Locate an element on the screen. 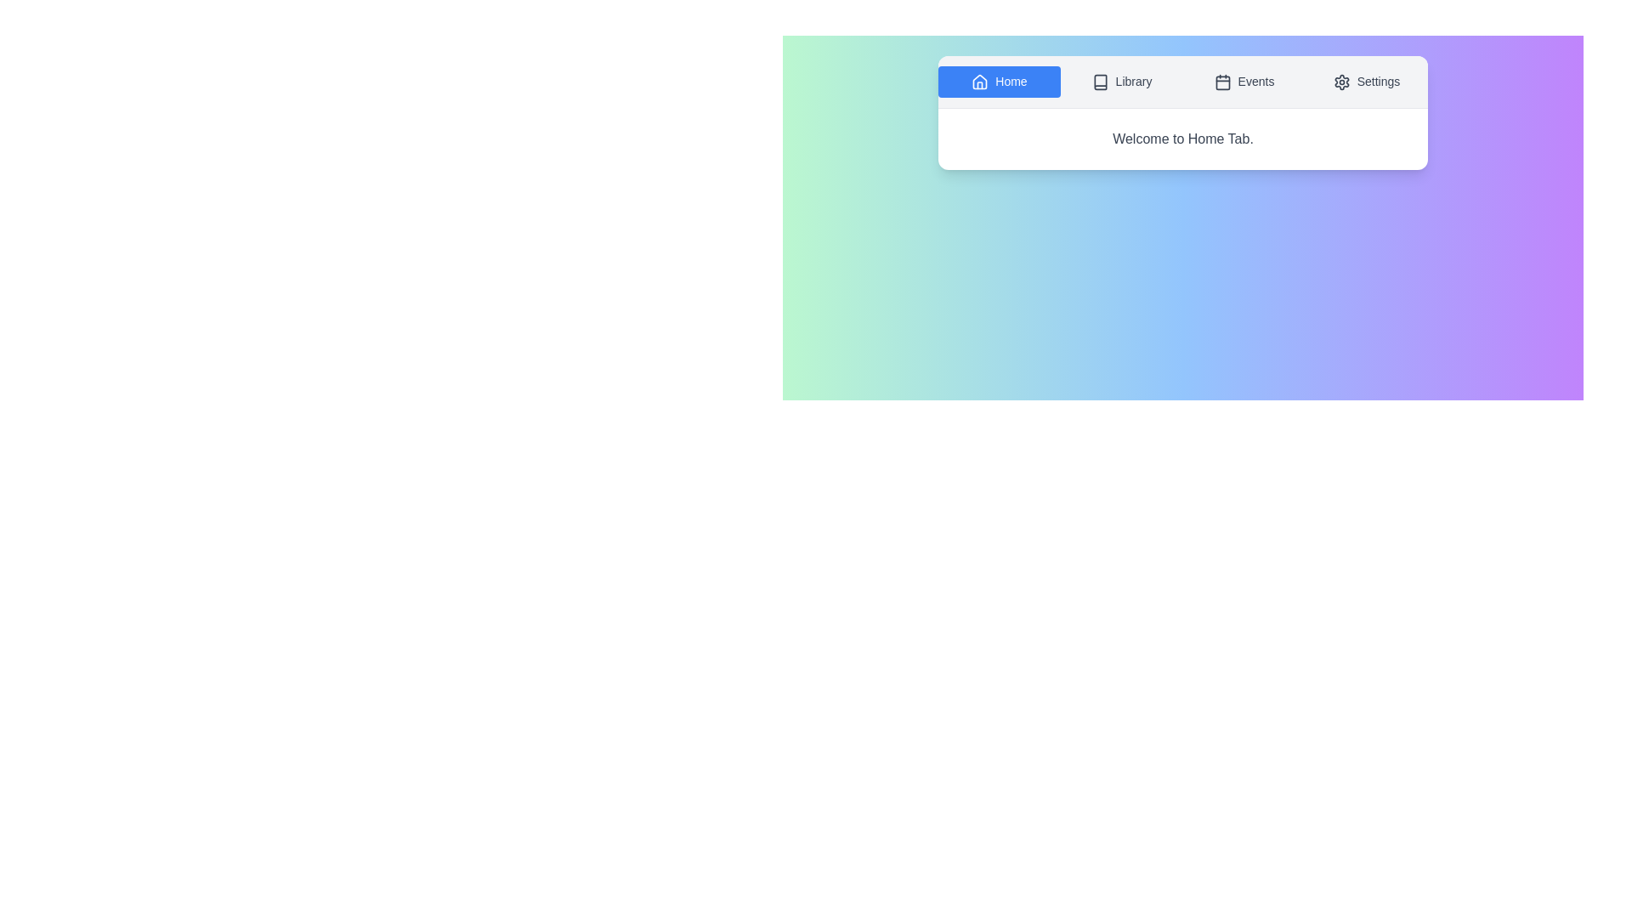 This screenshot has width=1632, height=918. the 'Settings' icon located in the top-right corner of the navigation bar is located at coordinates (1340, 82).